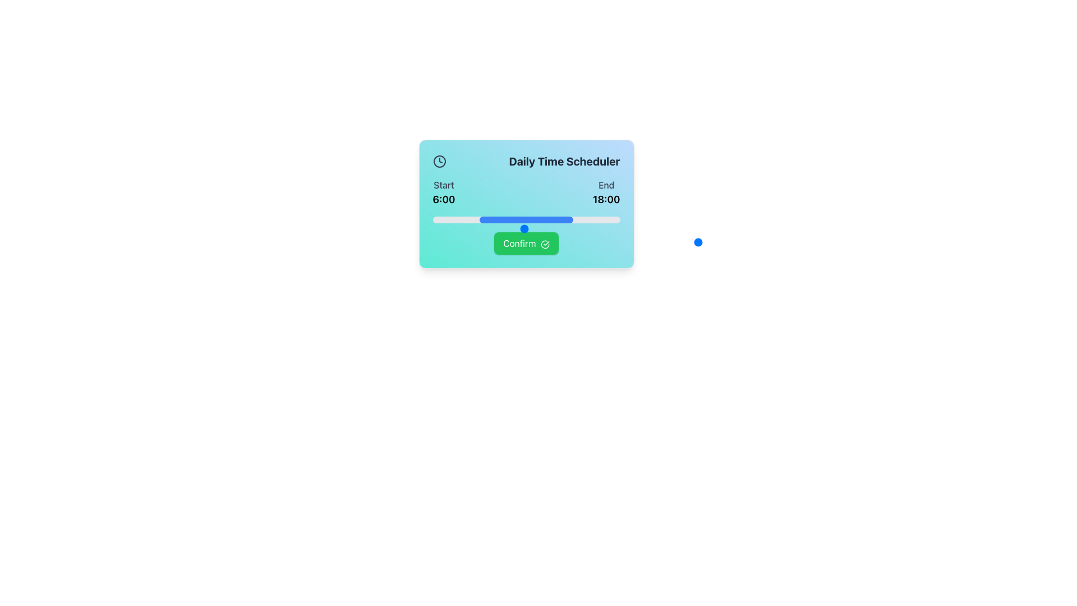 This screenshot has width=1077, height=606. I want to click on the circular checkmark icon inside the green 'Confirm' button, located near the right side of the button, so click(545, 244).